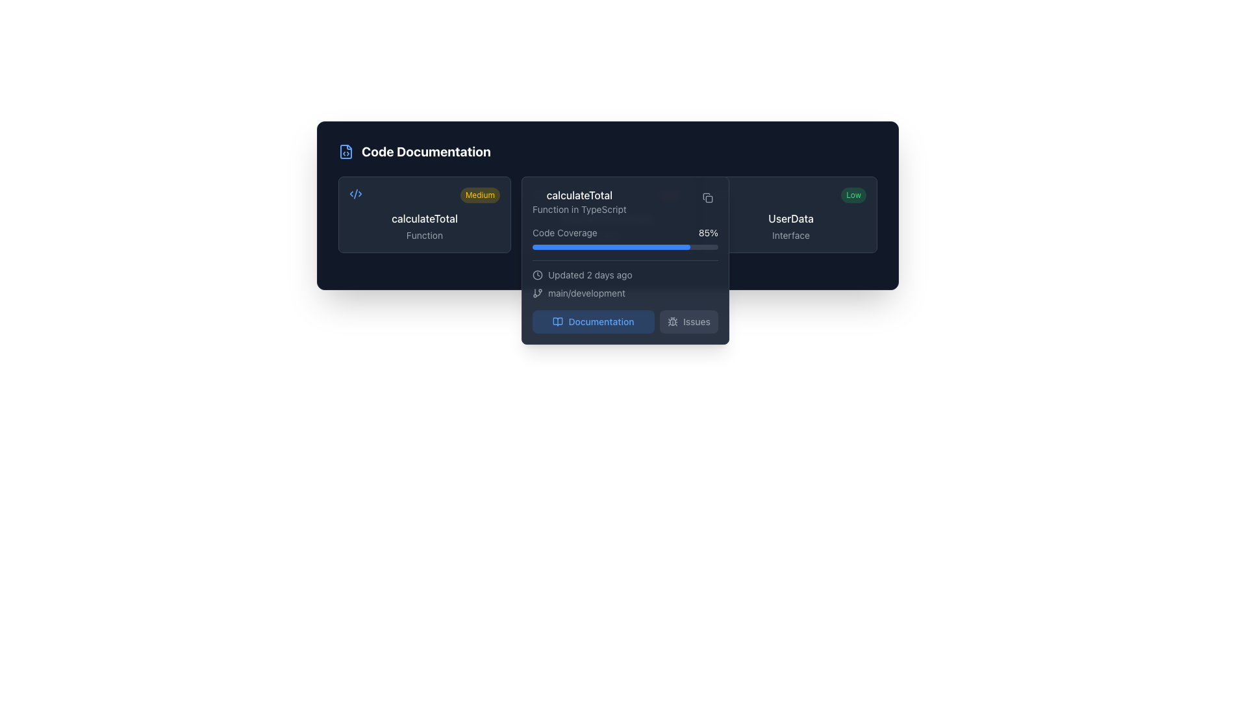 This screenshot has height=701, width=1247. I want to click on the label displaying 'Updated 2 days ago' with a small clock icon to its left, located in the second row of the card above 'main/development', so click(625, 275).